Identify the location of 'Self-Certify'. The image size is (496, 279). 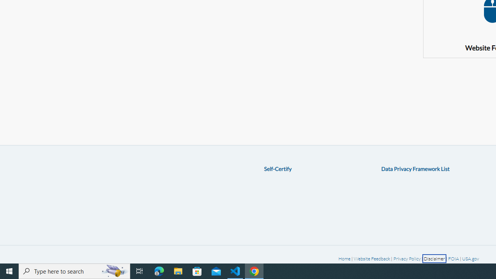
(277, 168).